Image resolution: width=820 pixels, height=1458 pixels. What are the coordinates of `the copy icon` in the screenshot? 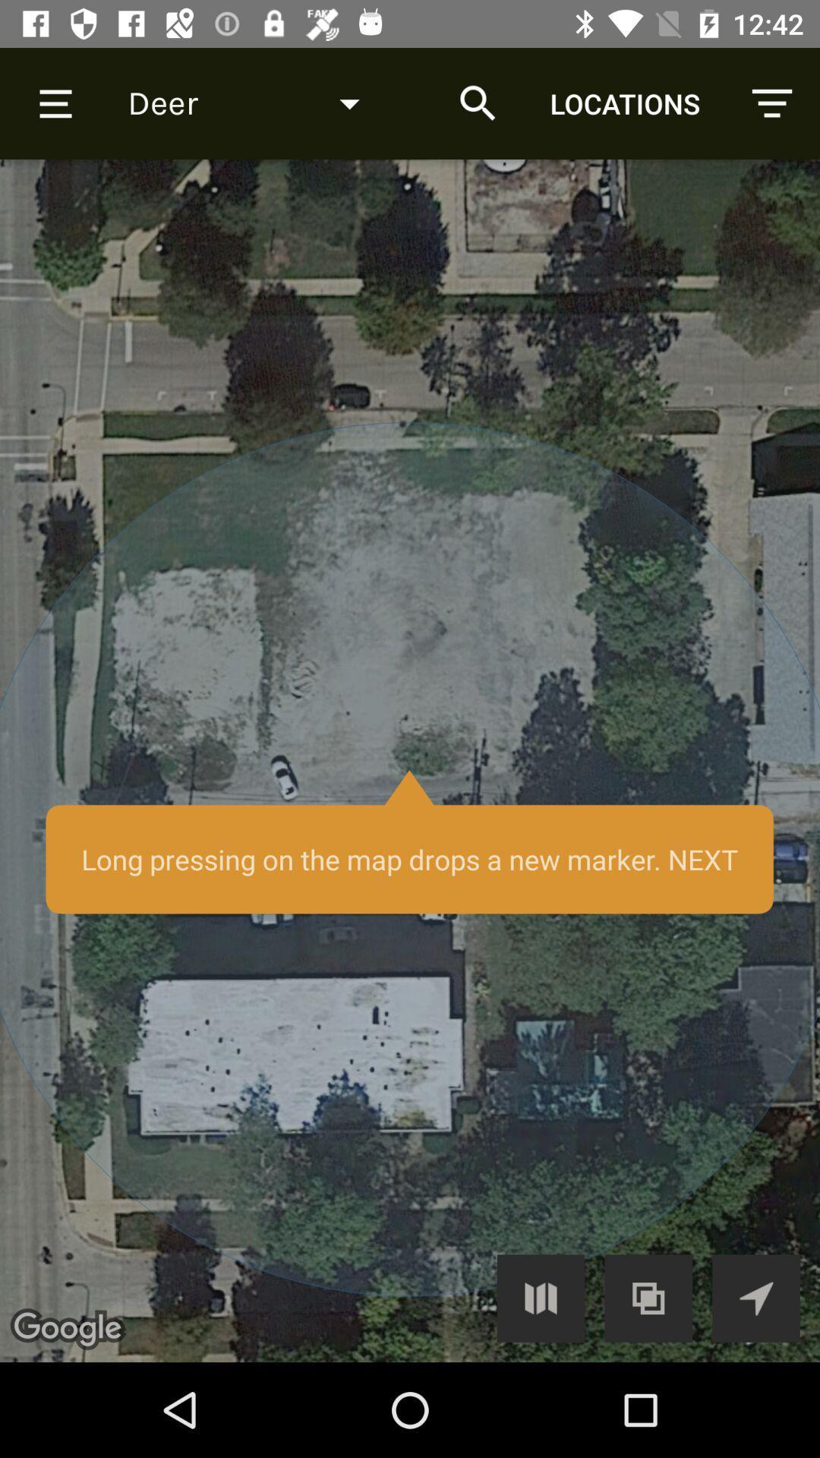 It's located at (648, 1297).